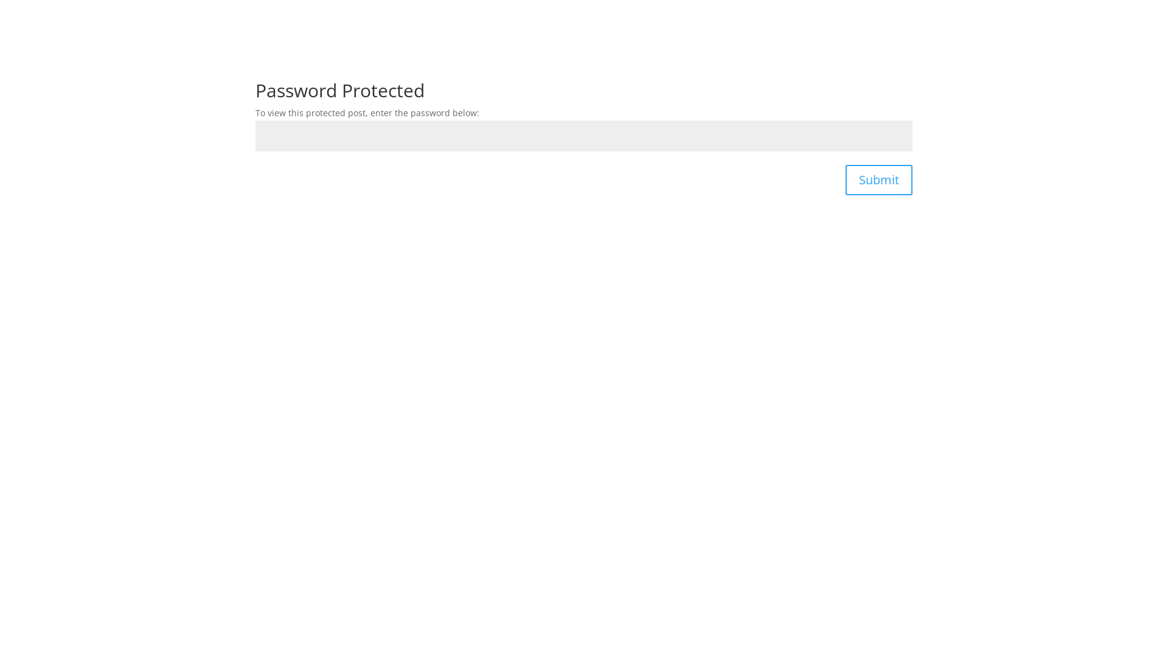 Image resolution: width=1168 pixels, height=657 pixels. I want to click on 'Submit', so click(878, 180).